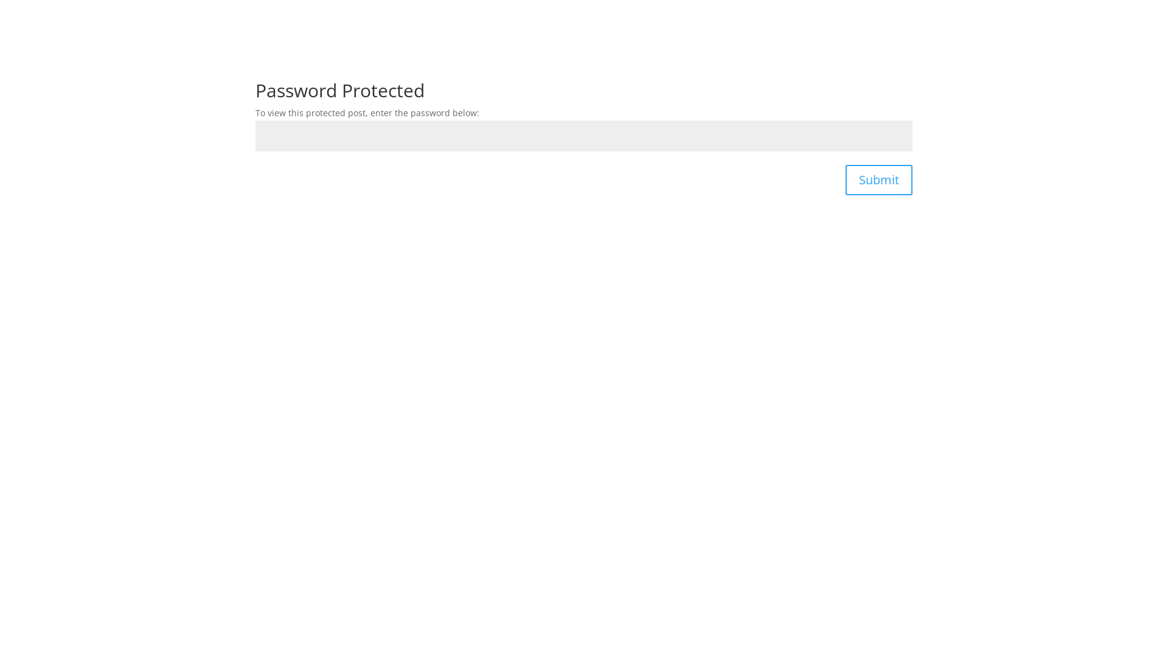 Image resolution: width=1168 pixels, height=657 pixels. I want to click on 'Submit', so click(878, 180).